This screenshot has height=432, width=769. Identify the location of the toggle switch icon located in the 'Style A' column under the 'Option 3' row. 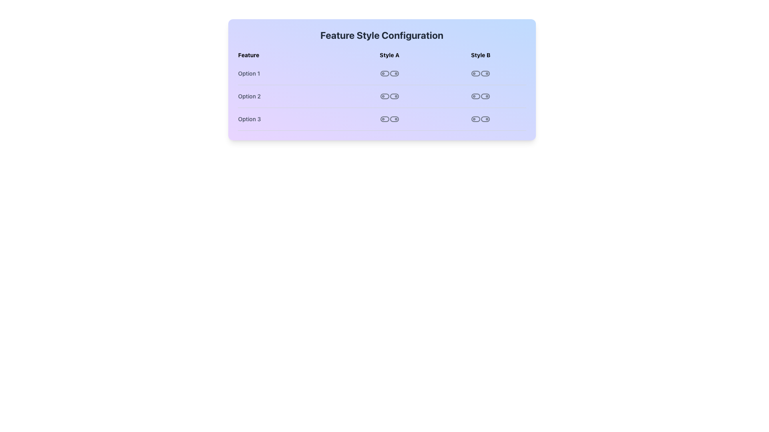
(394, 119).